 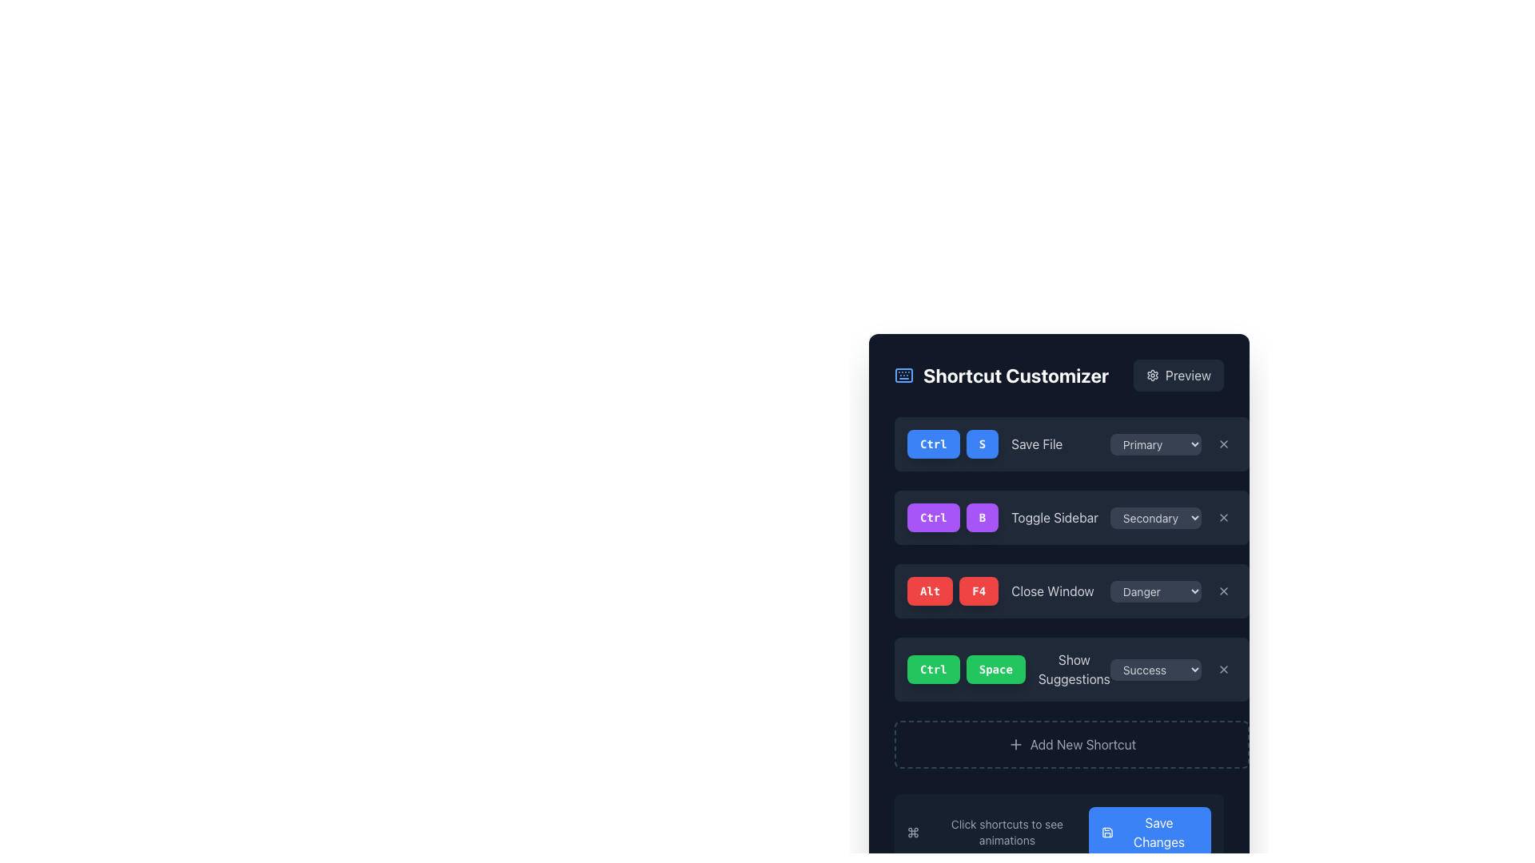 I want to click on the 'Shortcut Customizer' panel which includes the title and the 'Preview' button, so click(x=1059, y=376).